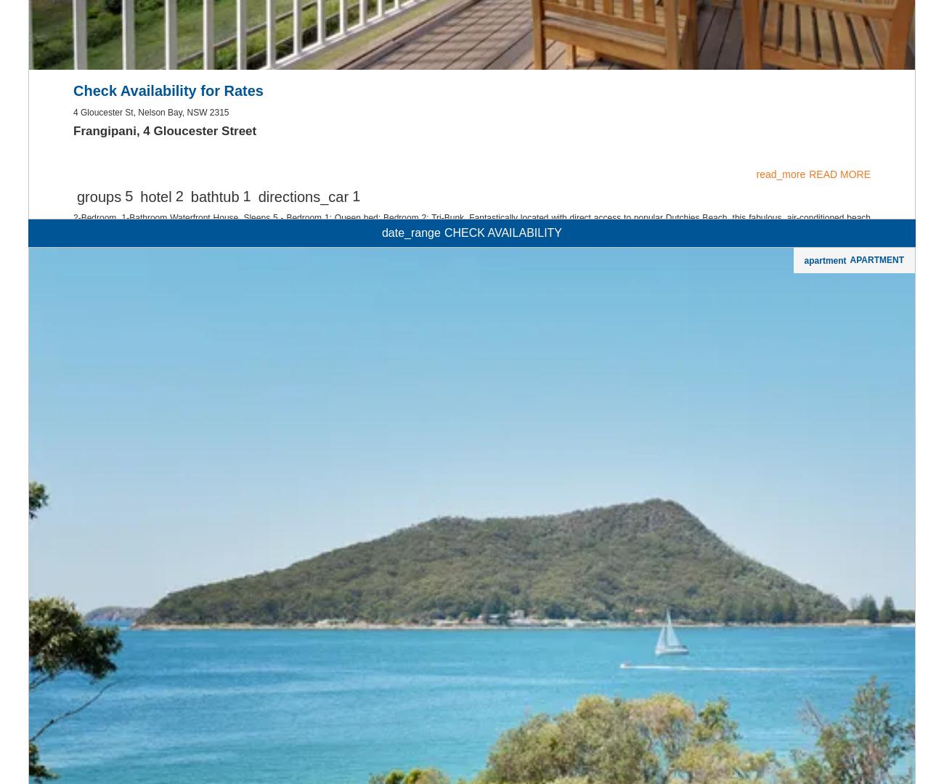 The height and width of the screenshot is (784, 944). Describe the element at coordinates (78, 161) in the screenshot. I see `'Port Stephens'` at that location.